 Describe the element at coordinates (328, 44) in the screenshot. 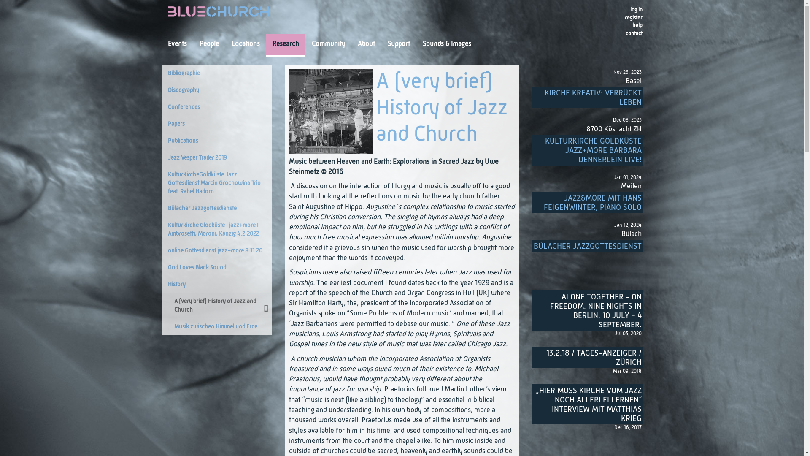

I see `'Community'` at that location.